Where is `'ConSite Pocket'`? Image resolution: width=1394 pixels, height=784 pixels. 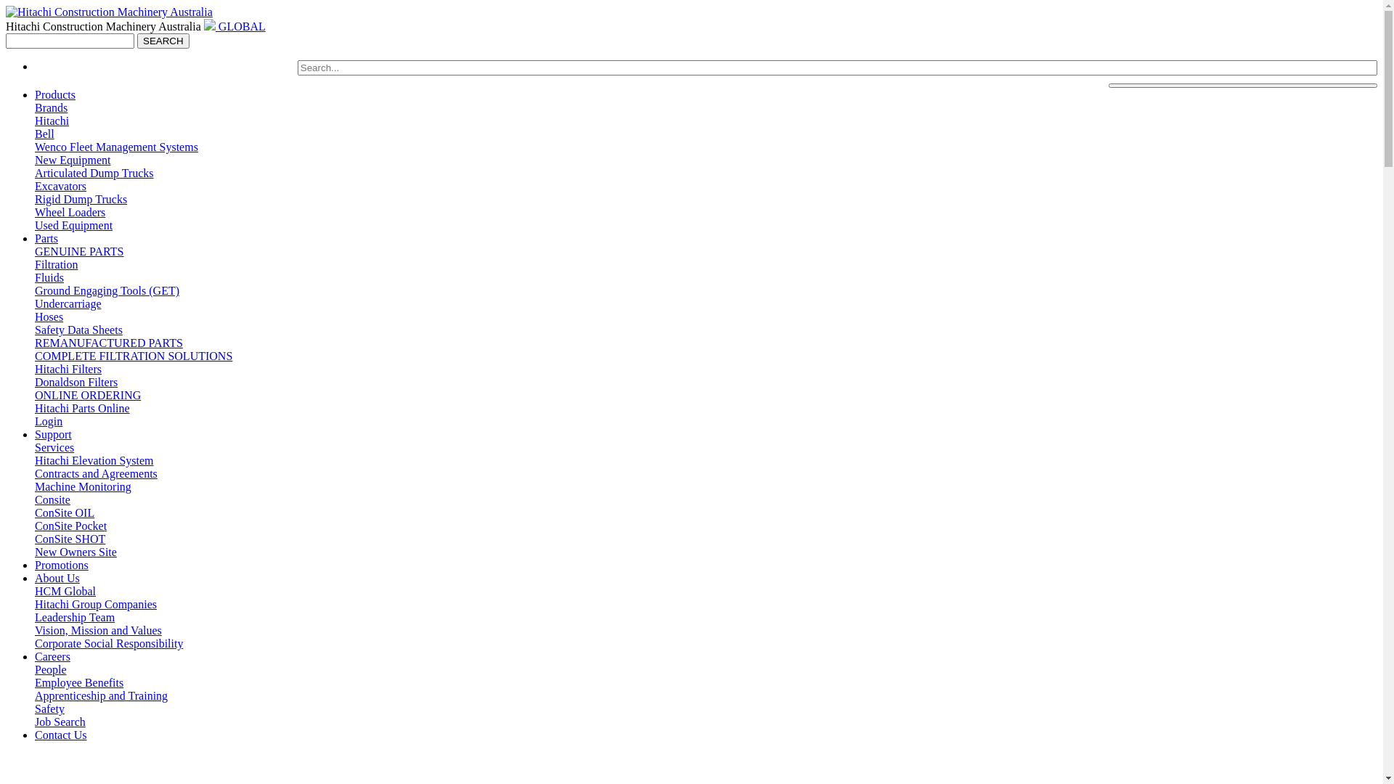
'ConSite Pocket' is located at coordinates (70, 526).